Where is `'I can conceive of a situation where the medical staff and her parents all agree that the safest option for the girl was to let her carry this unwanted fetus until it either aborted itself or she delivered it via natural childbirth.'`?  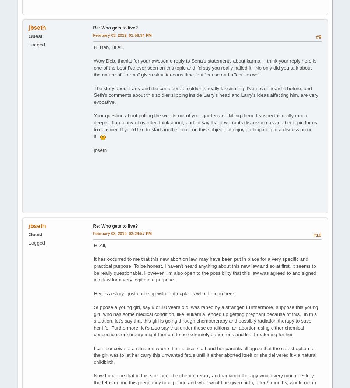 'I can conceive of a situation where the medical staff and her parents all agree that the safest option for the girl was to let her carry this unwanted fetus until it either aborted itself or she delivered it via natural childbirth.' is located at coordinates (205, 355).